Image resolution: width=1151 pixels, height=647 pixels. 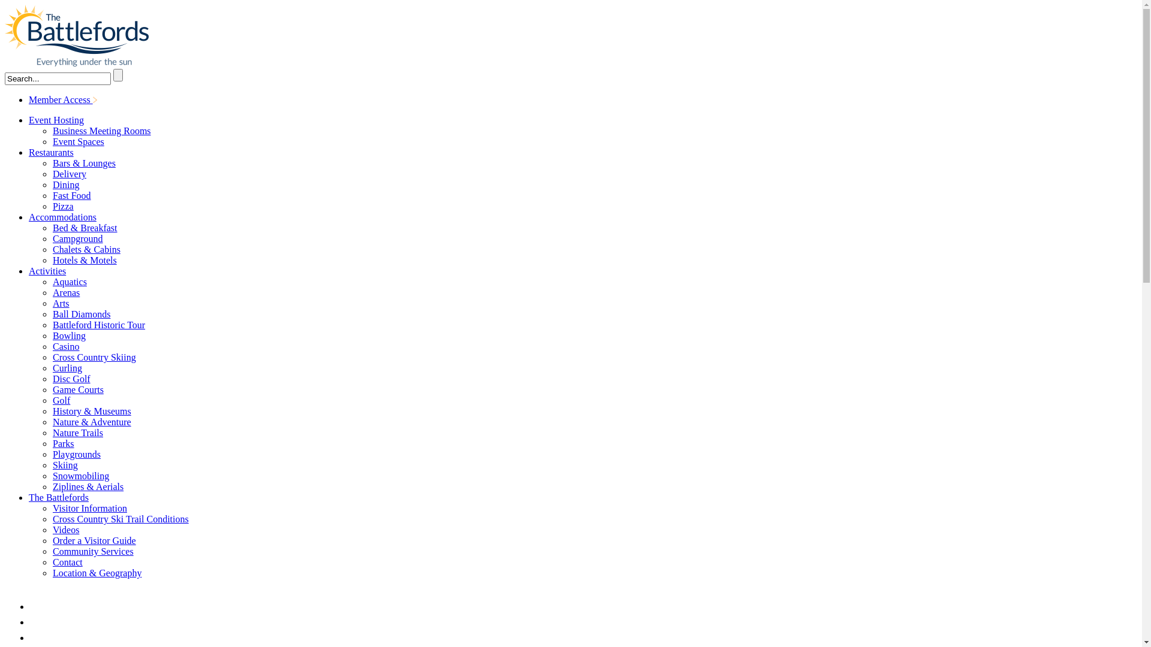 I want to click on 'Location & Geography', so click(x=97, y=572).